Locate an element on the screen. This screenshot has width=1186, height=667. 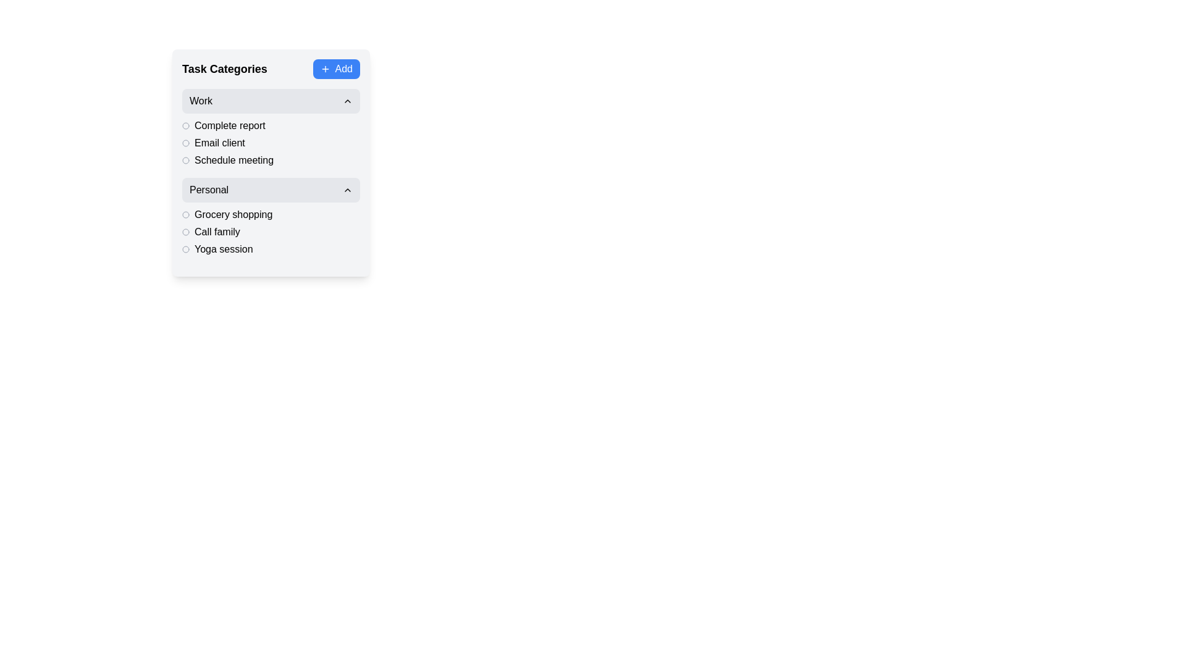
the SVG circle graphic that serves as a decorative or interactive indicator for the 'Call family' list item in the 'Personal' dropdown section is located at coordinates (185, 232).